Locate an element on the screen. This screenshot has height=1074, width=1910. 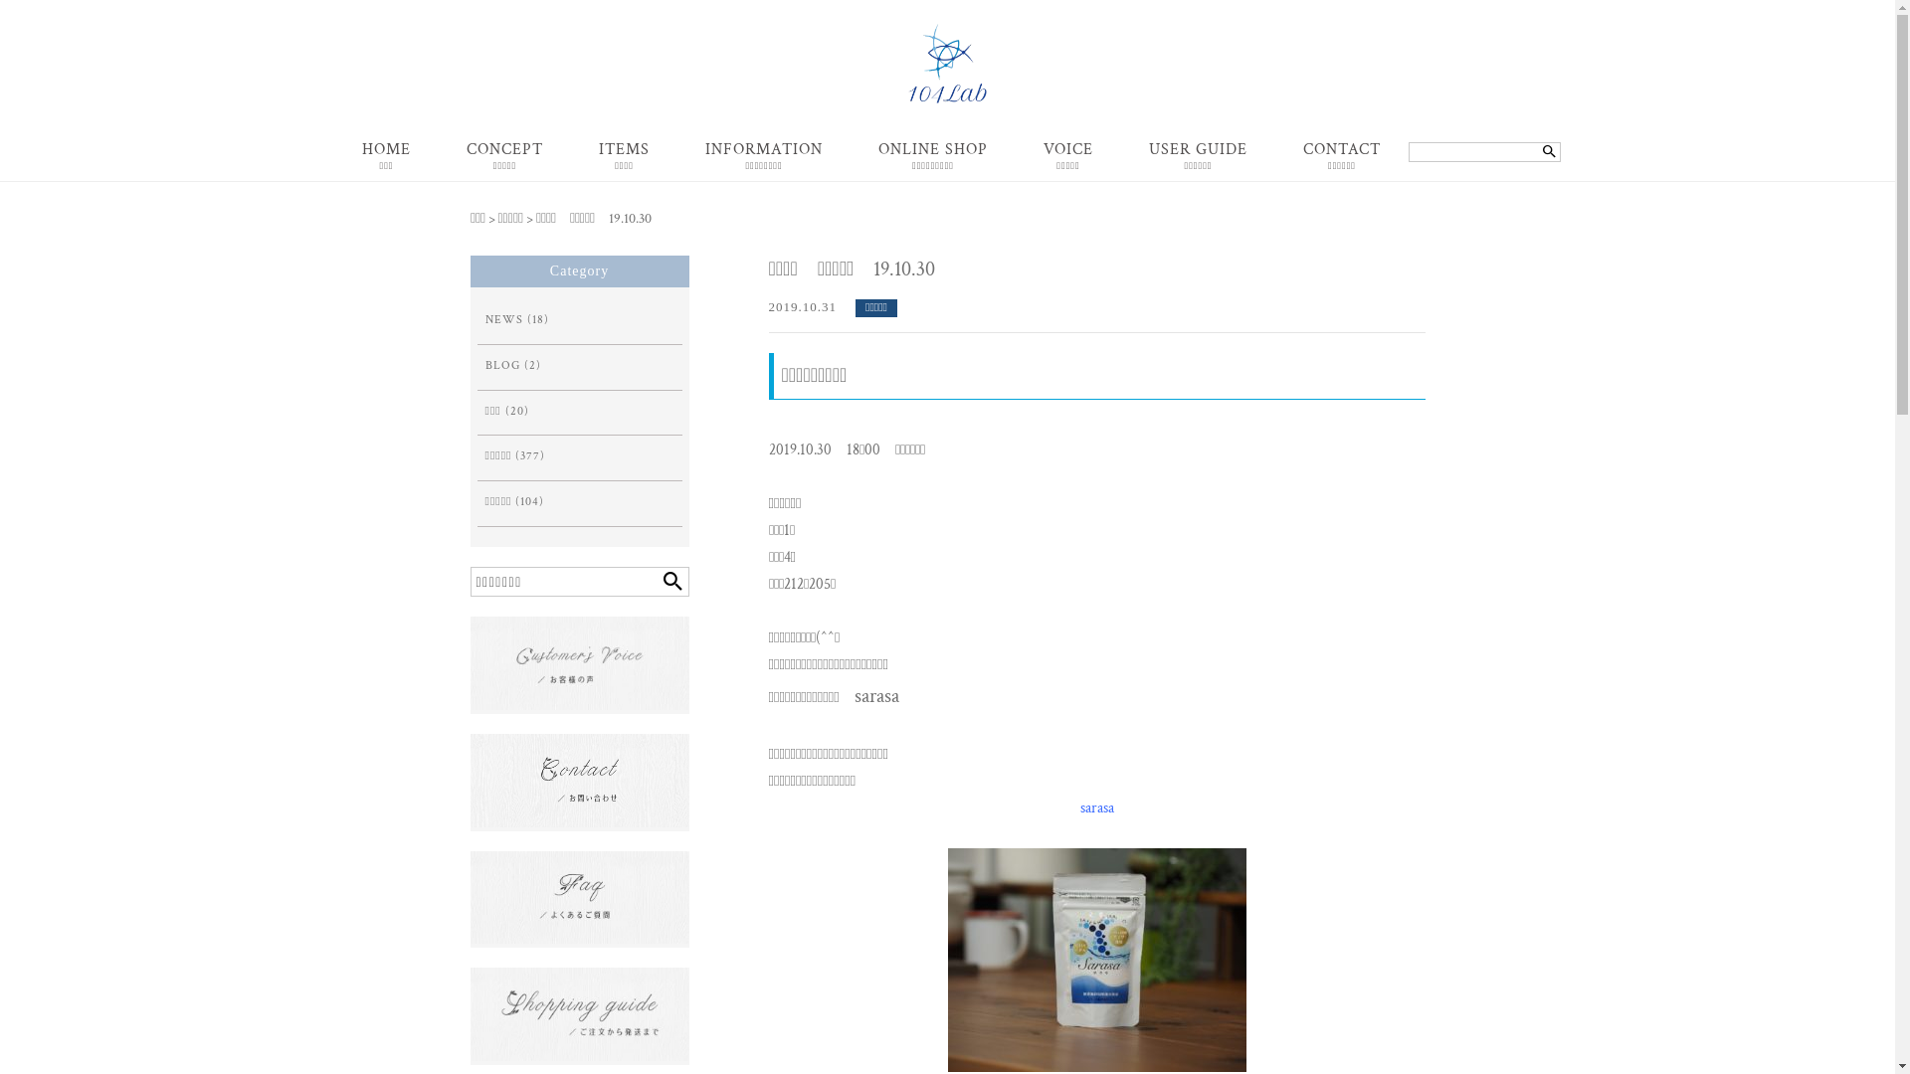
'NEWS' is located at coordinates (504, 319).